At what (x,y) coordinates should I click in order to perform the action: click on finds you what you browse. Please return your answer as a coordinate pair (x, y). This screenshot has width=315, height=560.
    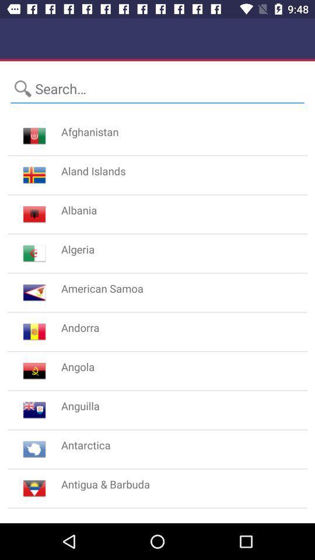
    Looking at the image, I should click on (157, 88).